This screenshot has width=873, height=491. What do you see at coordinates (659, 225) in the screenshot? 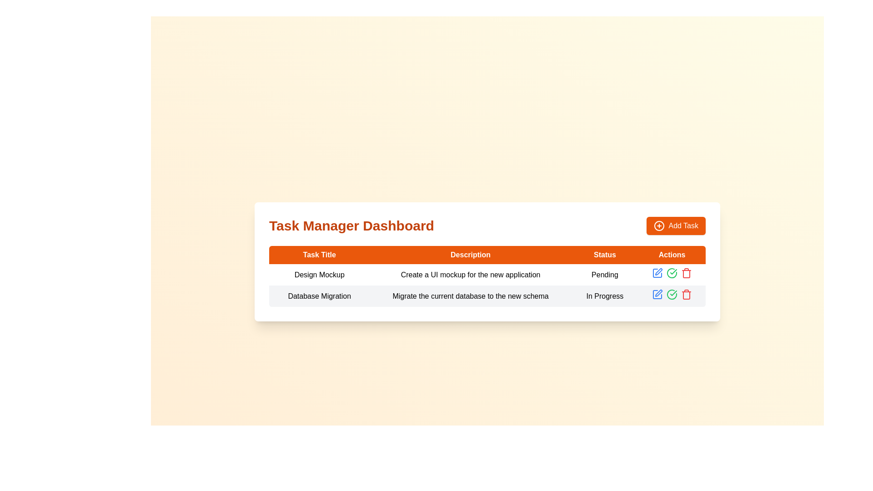
I see `the 'Add Task' icon located in the upper-right corner of the content card to initiate adding a task` at bounding box center [659, 225].